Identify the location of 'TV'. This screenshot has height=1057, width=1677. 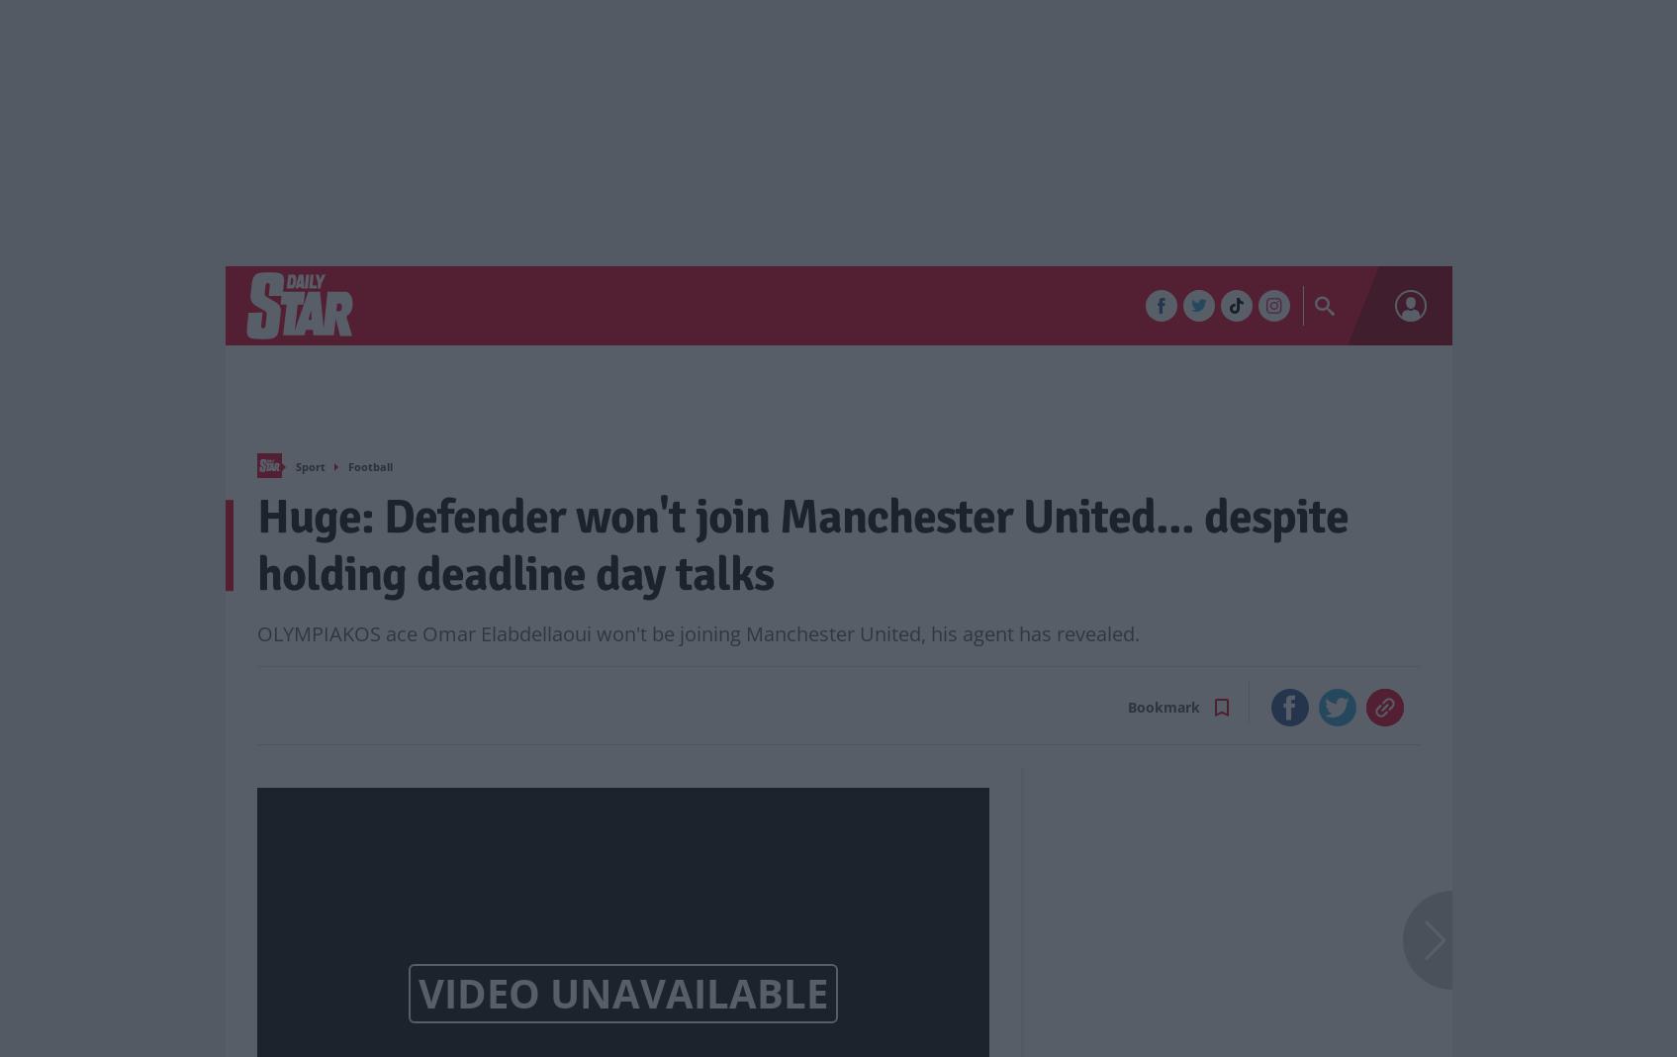
(829, 307).